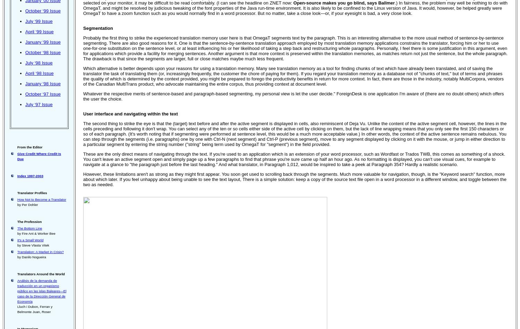  Describe the element at coordinates (42, 94) in the screenshot. I see `'October ‘97 Issue'` at that location.